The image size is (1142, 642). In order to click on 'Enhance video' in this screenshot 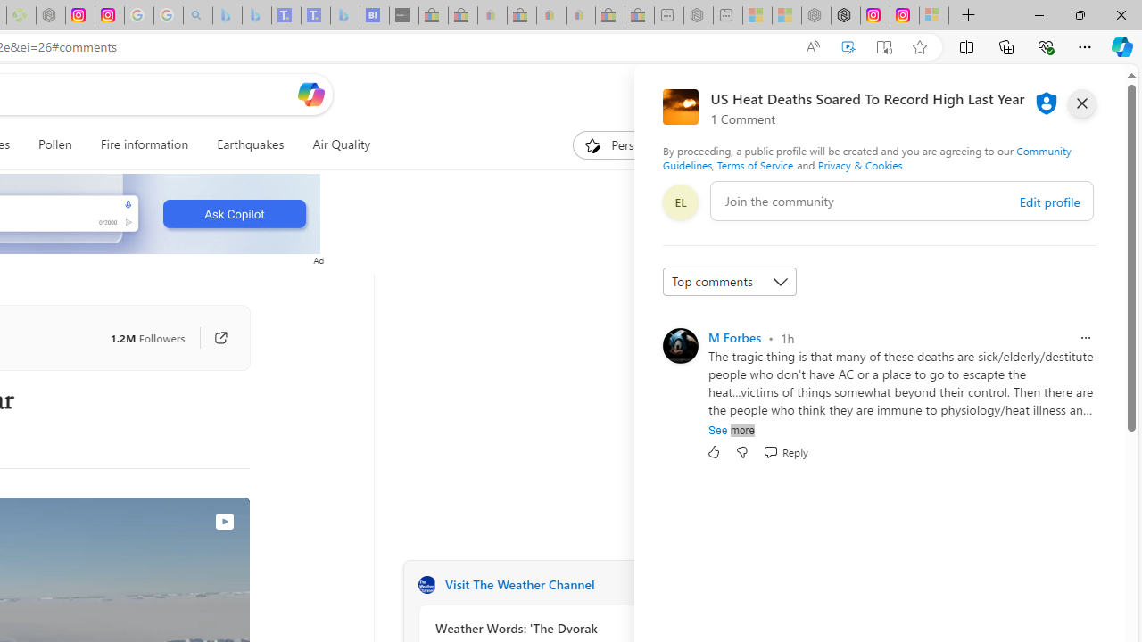, I will do `click(848, 46)`.